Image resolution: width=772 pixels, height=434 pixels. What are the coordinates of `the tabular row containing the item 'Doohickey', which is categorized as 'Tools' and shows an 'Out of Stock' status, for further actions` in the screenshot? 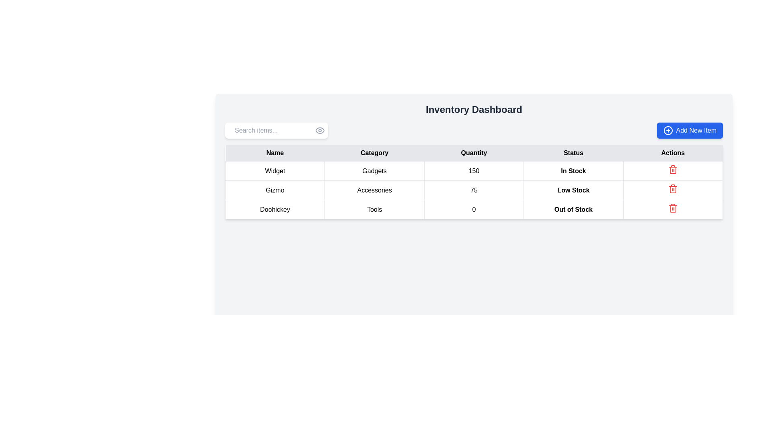 It's located at (474, 209).